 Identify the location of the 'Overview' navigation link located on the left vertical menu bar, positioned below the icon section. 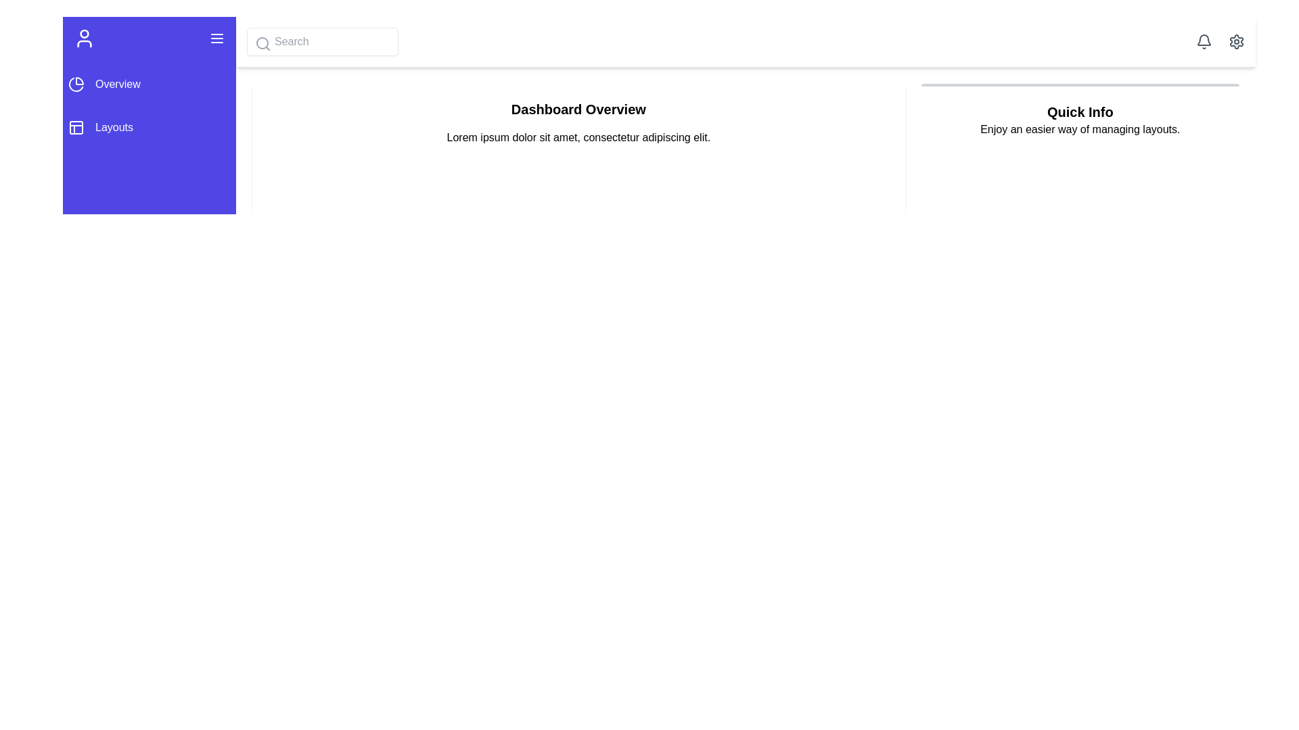
(118, 84).